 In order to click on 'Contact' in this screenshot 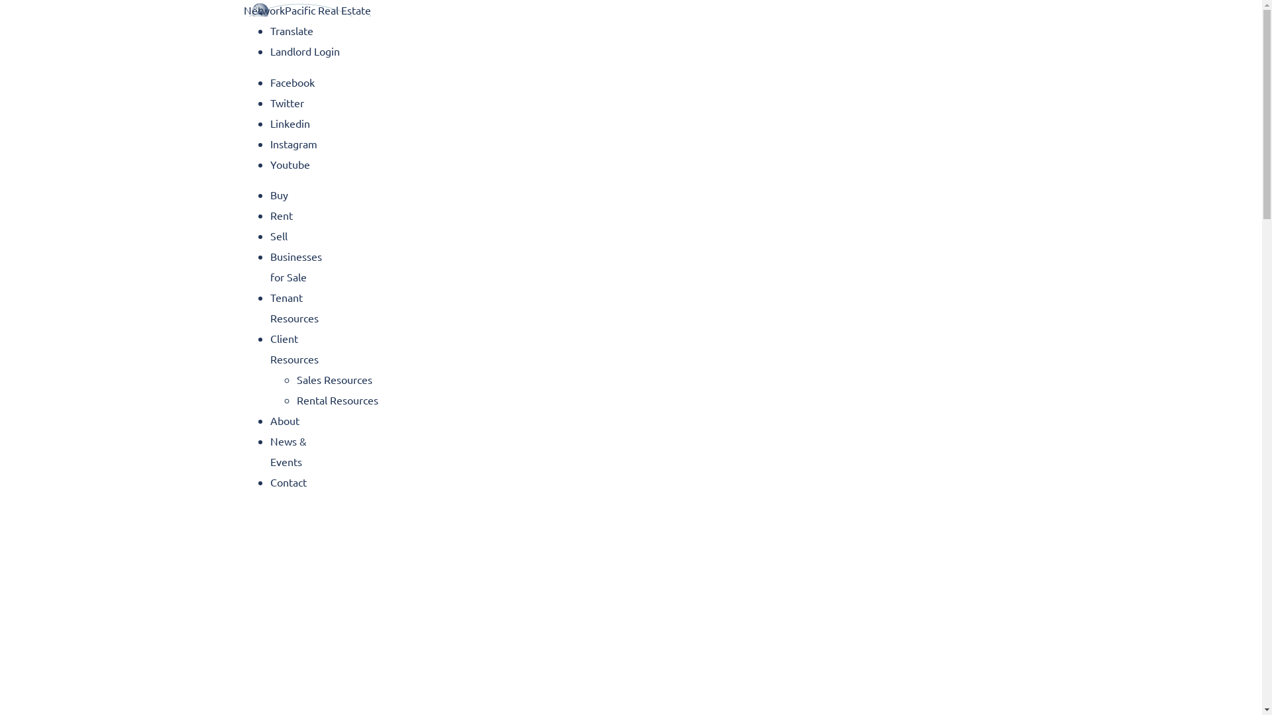, I will do `click(288, 482)`.